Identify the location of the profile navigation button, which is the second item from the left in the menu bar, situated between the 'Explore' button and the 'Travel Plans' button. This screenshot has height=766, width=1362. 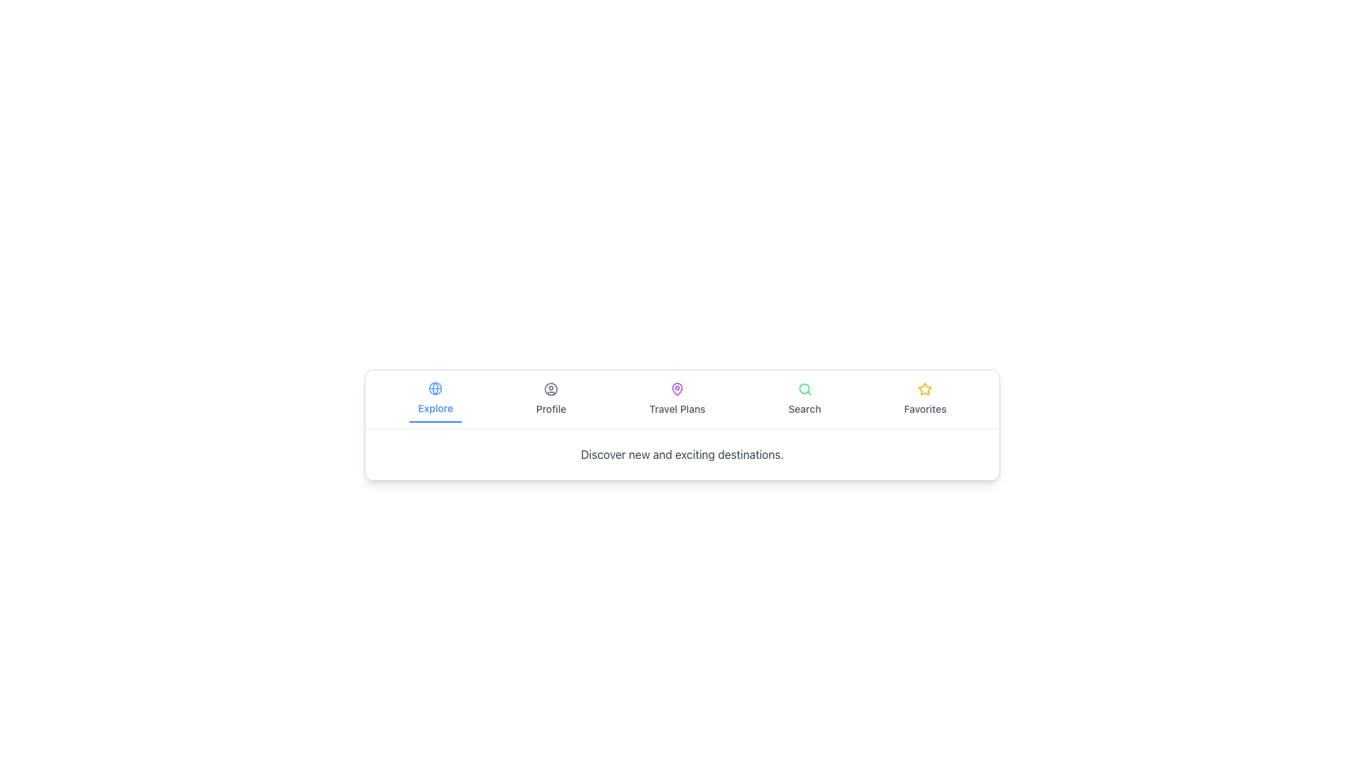
(550, 399).